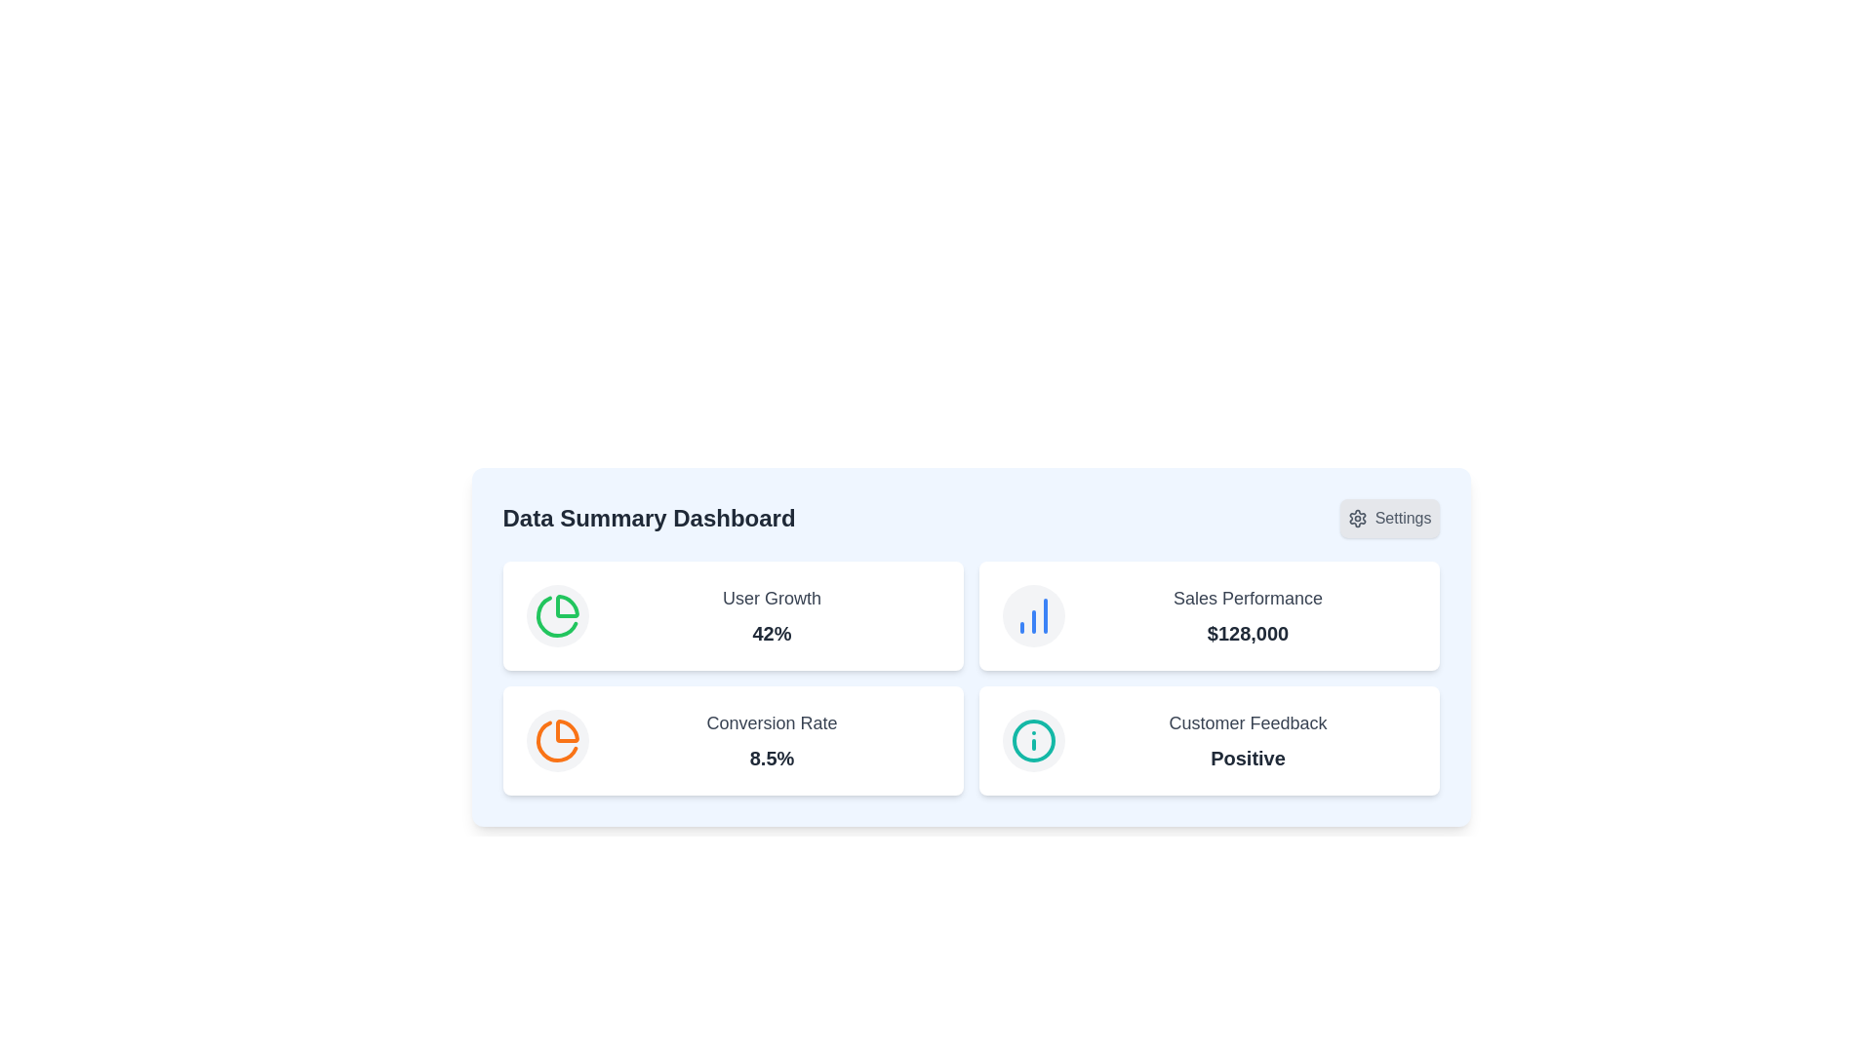 The width and height of the screenshot is (1873, 1053). Describe the element at coordinates (556, 740) in the screenshot. I see `the circular icon with an orange pie chart inside the 'Conversion Rate' section of the dashboard, which is located at the top-left corner of the card labeled 'Conversion Rate'` at that location.